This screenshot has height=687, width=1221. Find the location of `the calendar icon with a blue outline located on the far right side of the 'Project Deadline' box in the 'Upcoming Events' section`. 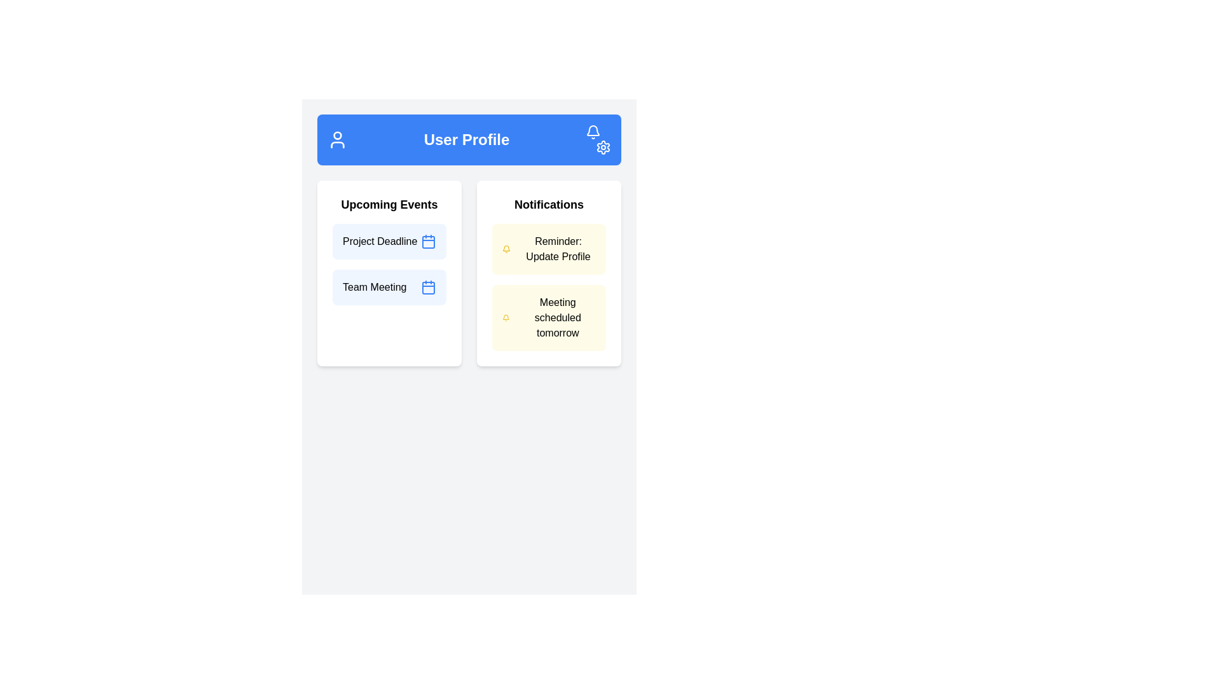

the calendar icon with a blue outline located on the far right side of the 'Project Deadline' box in the 'Upcoming Events' section is located at coordinates (428, 242).